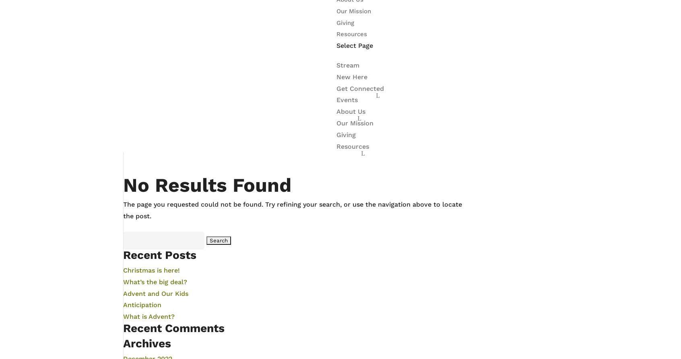 This screenshot has width=681, height=359. What do you see at coordinates (123, 293) in the screenshot?
I see `'Advent and Our Kids'` at bounding box center [123, 293].